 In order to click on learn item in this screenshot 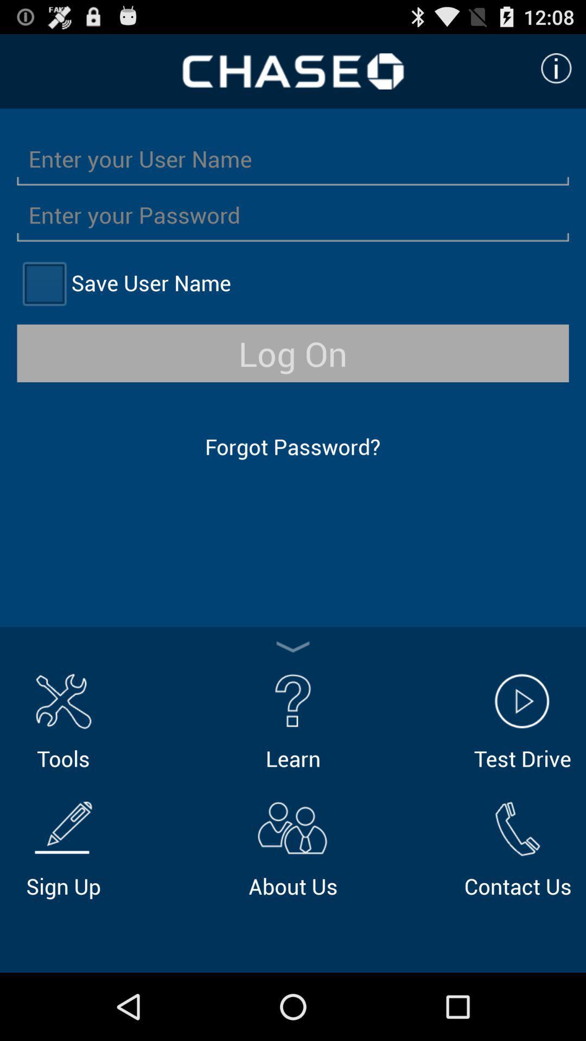, I will do `click(293, 719)`.